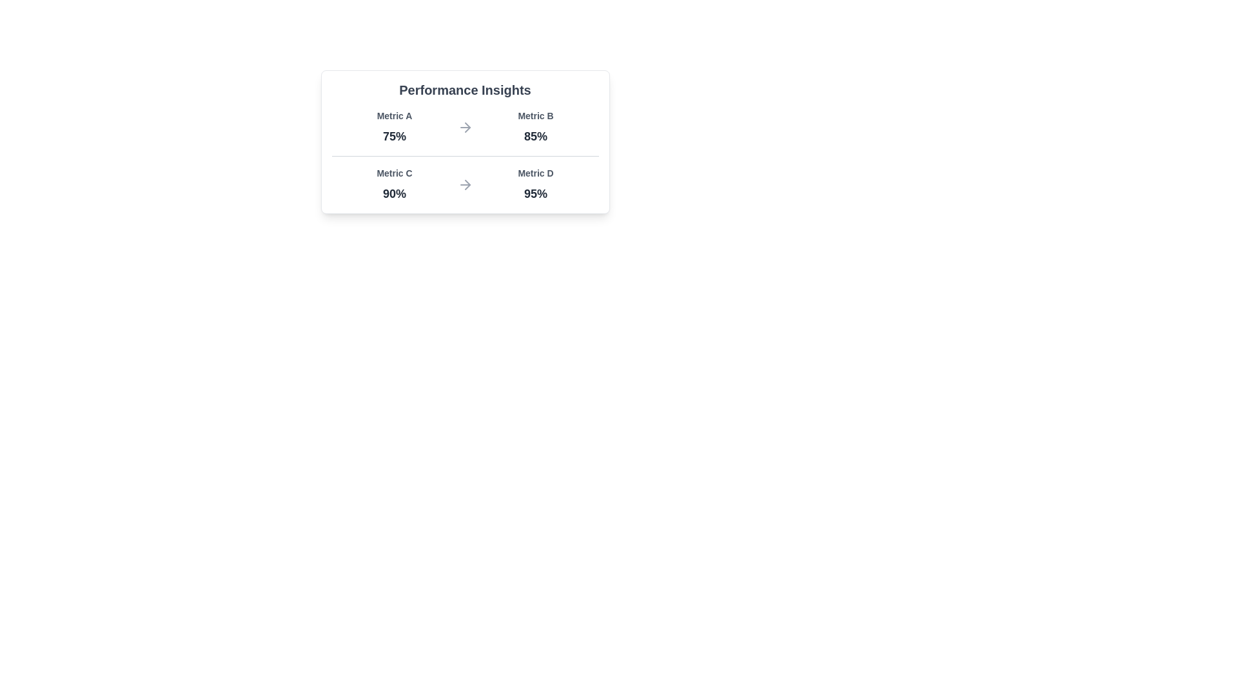 The width and height of the screenshot is (1238, 696). I want to click on the label displaying 'Metric C', which is located in the lower-left quadrant of the 'Performance Insights' section, positioned above '90%' and next to 'Metric D', so click(393, 173).